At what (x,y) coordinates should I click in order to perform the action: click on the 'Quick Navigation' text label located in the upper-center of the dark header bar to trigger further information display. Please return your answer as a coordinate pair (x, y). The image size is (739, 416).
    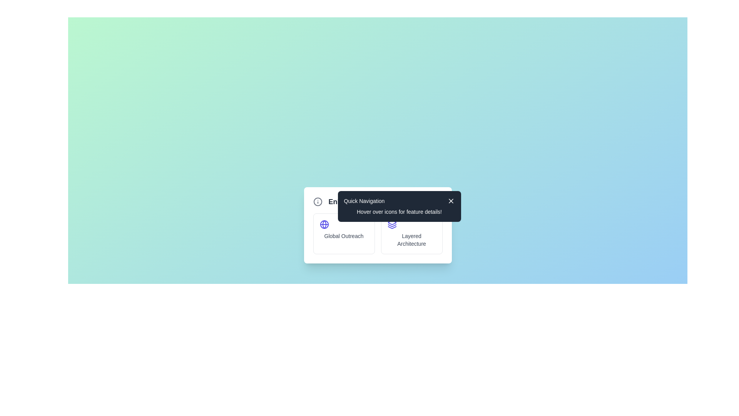
    Looking at the image, I should click on (364, 200).